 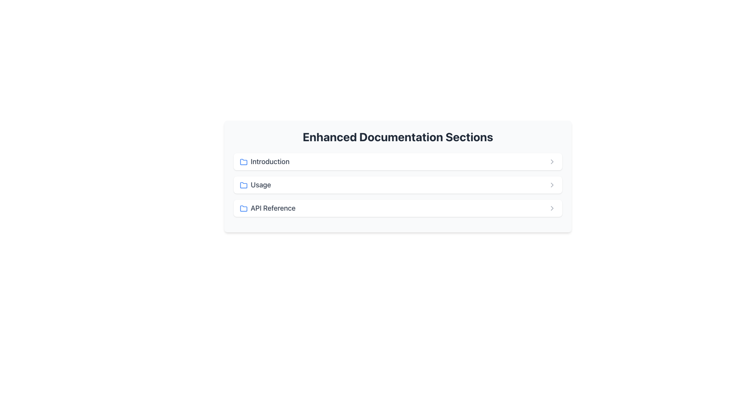 I want to click on the right-pointing arrow icon located at the far right of the 'API Reference' entry, so click(x=552, y=208).